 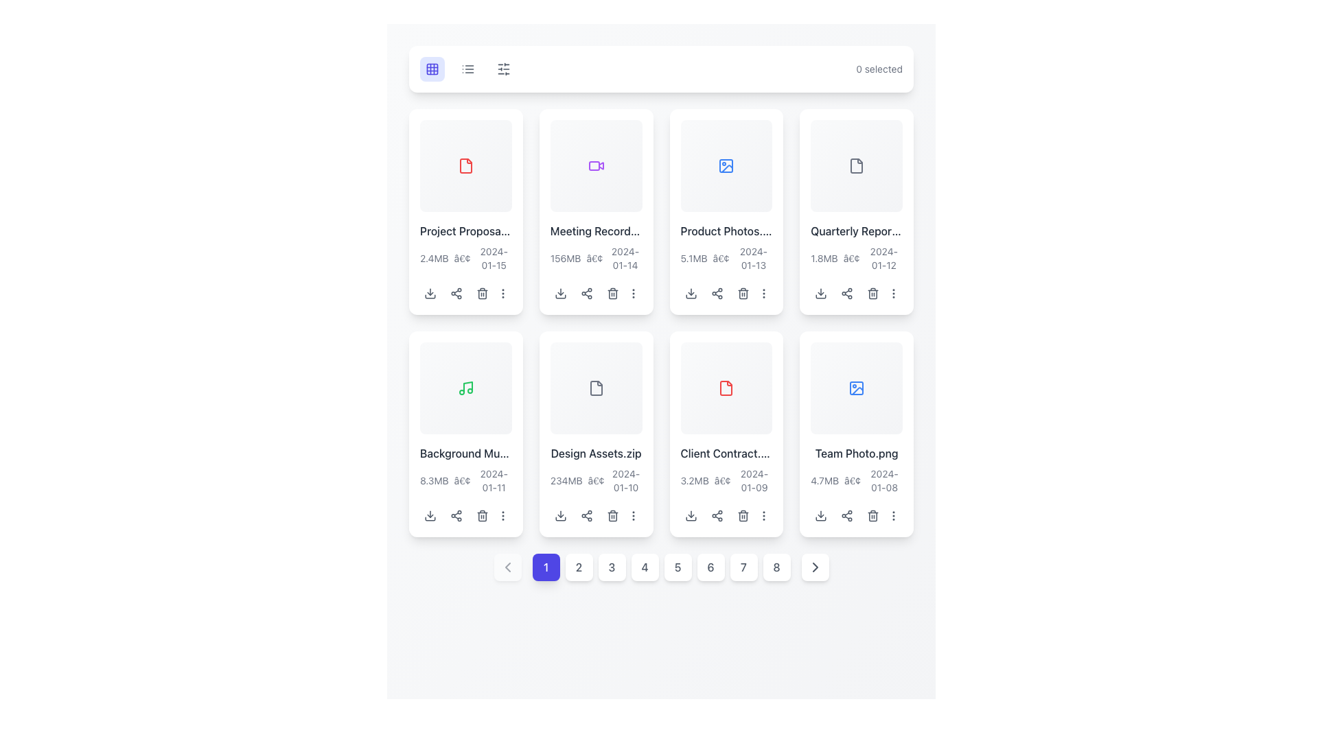 What do you see at coordinates (456, 515) in the screenshot?
I see `the share button located as the second icon in the horizontal row of action icons below the 'Background Music' card` at bounding box center [456, 515].